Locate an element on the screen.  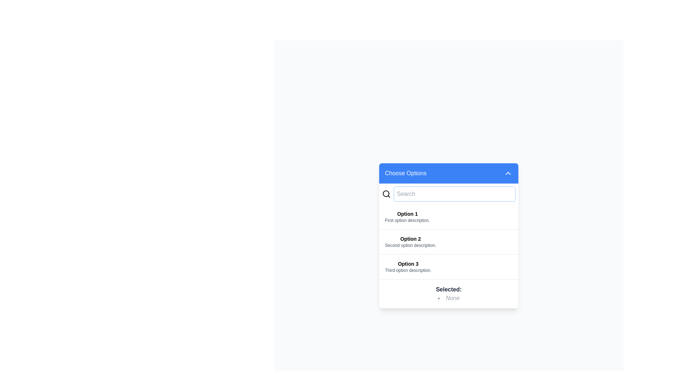
description of the second option labeled 'Second option description.' which is located below the bold text 'Option 2' is located at coordinates (410, 245).